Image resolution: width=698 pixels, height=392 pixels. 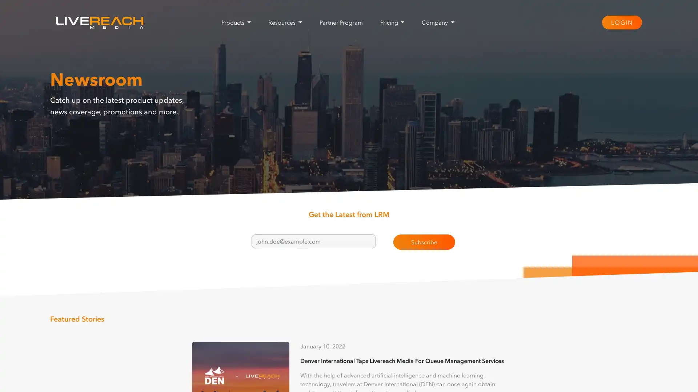 What do you see at coordinates (424, 242) in the screenshot?
I see `Subscribe` at bounding box center [424, 242].